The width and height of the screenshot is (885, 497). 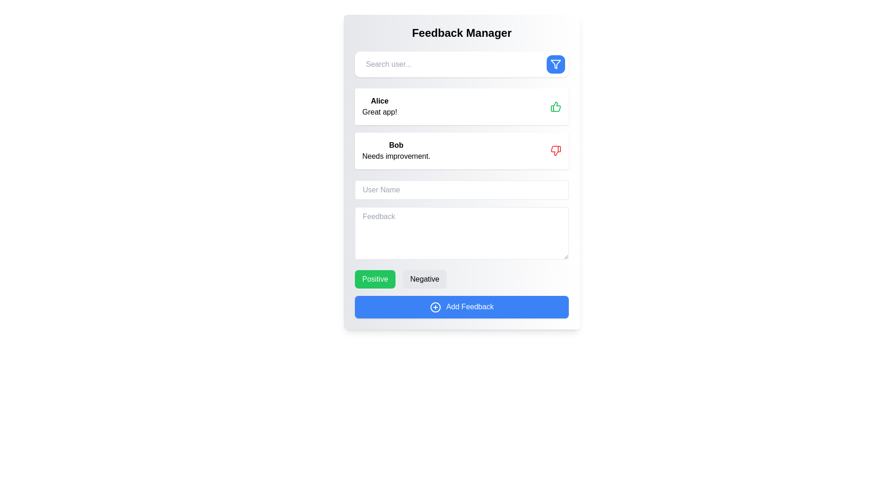 What do you see at coordinates (555, 150) in the screenshot?
I see `the negative feedback button located in the second row of the feedback list, positioned to the right of the user feedback text for 'Bob Needs improvement.'` at bounding box center [555, 150].